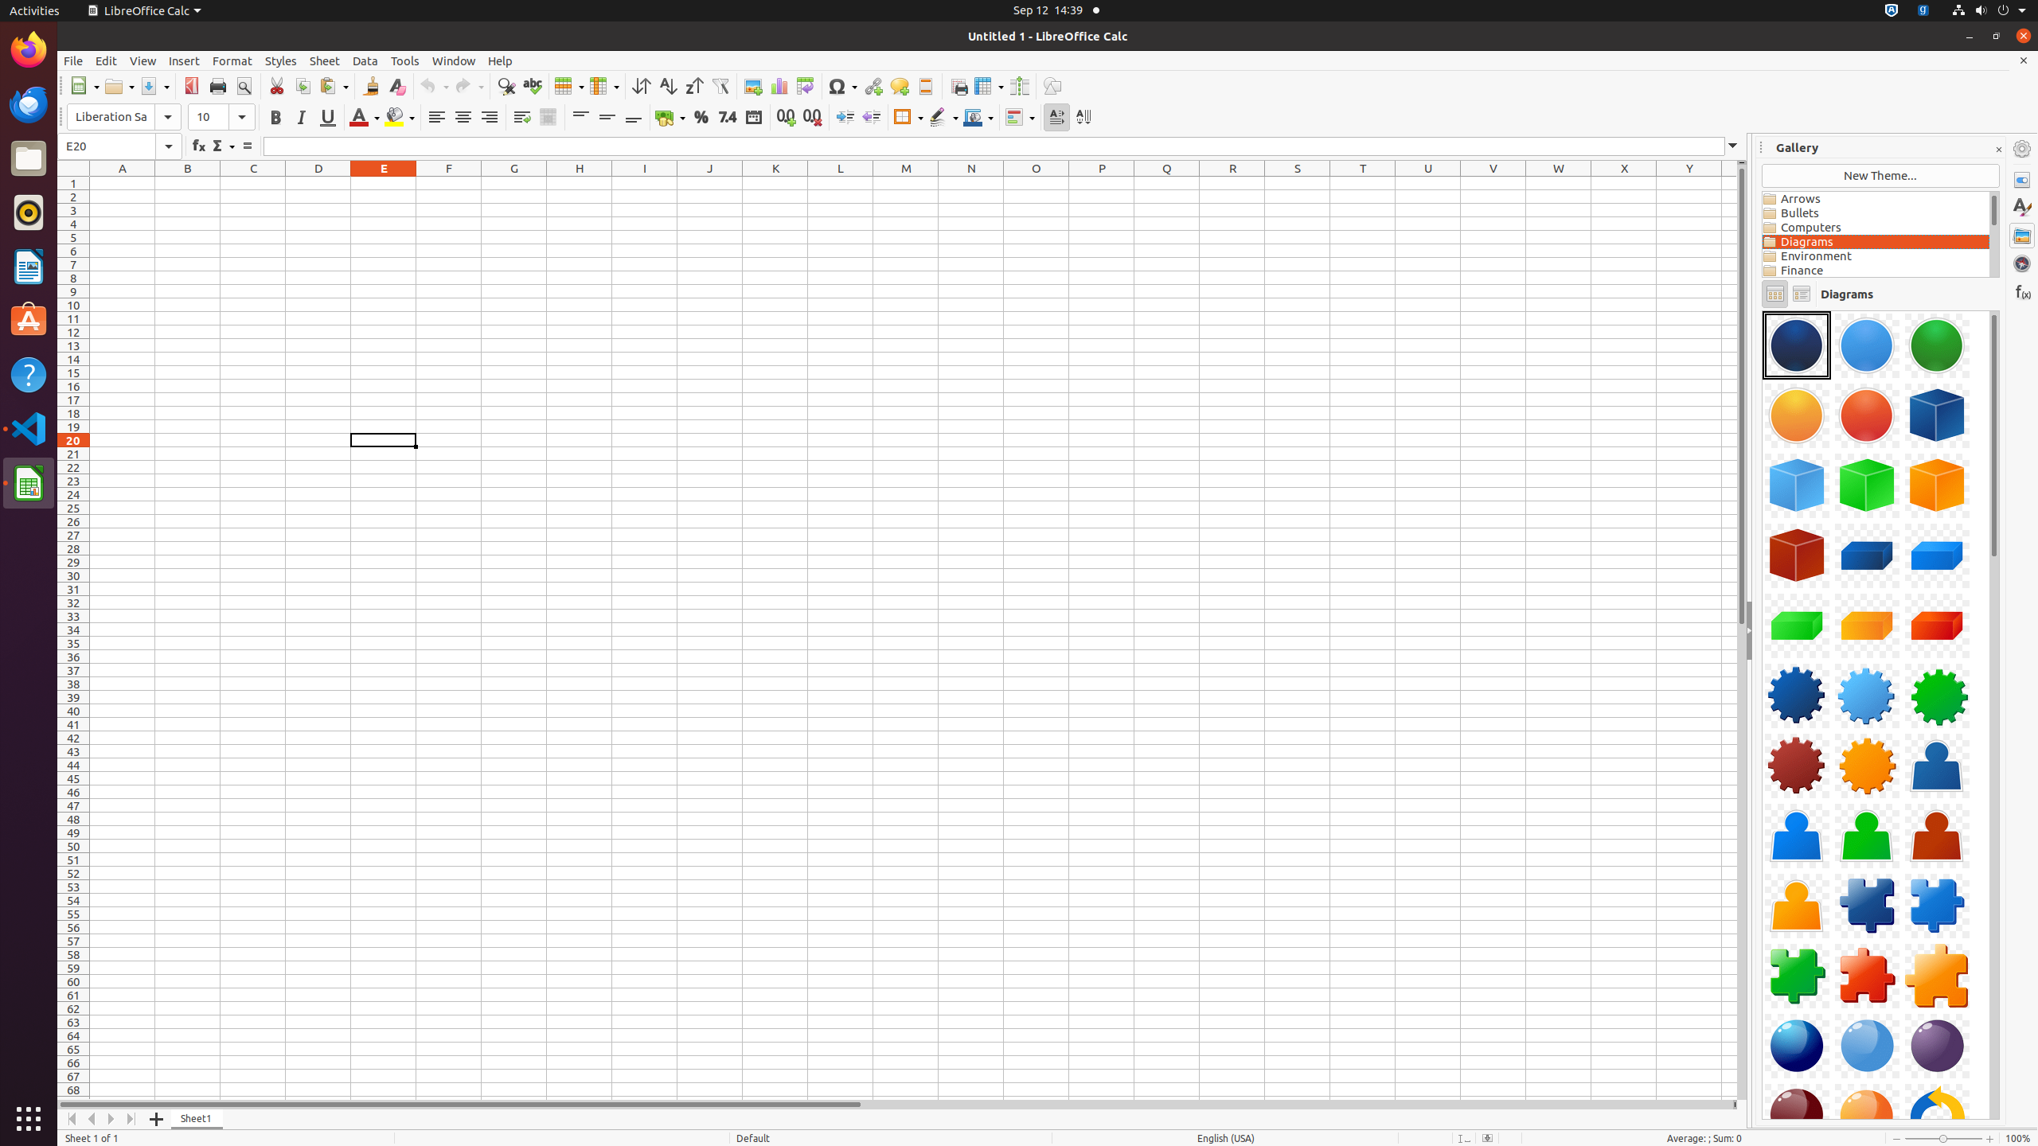  What do you see at coordinates (363, 116) in the screenshot?
I see `'Font Color'` at bounding box center [363, 116].